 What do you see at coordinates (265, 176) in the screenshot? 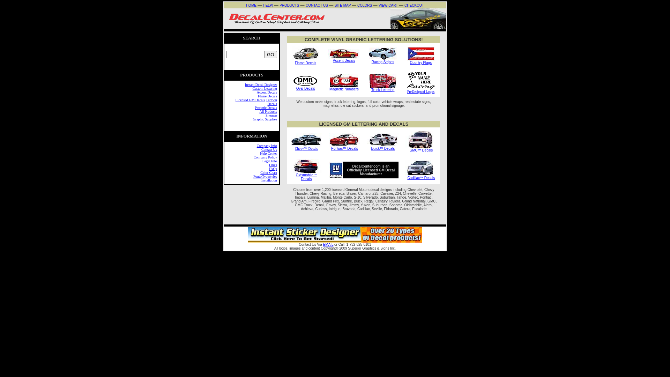
I see `'Fonts/Typestyles'` at bounding box center [265, 176].